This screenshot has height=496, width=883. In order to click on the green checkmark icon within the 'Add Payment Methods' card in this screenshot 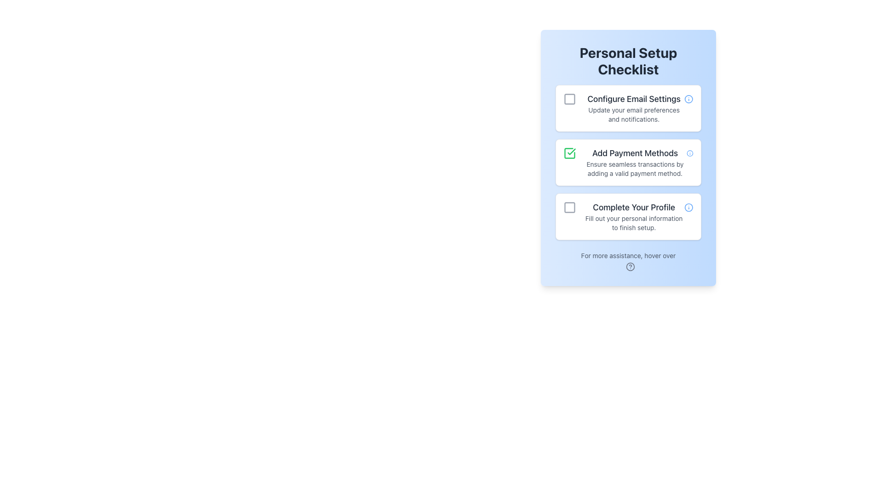, I will do `click(569, 153)`.